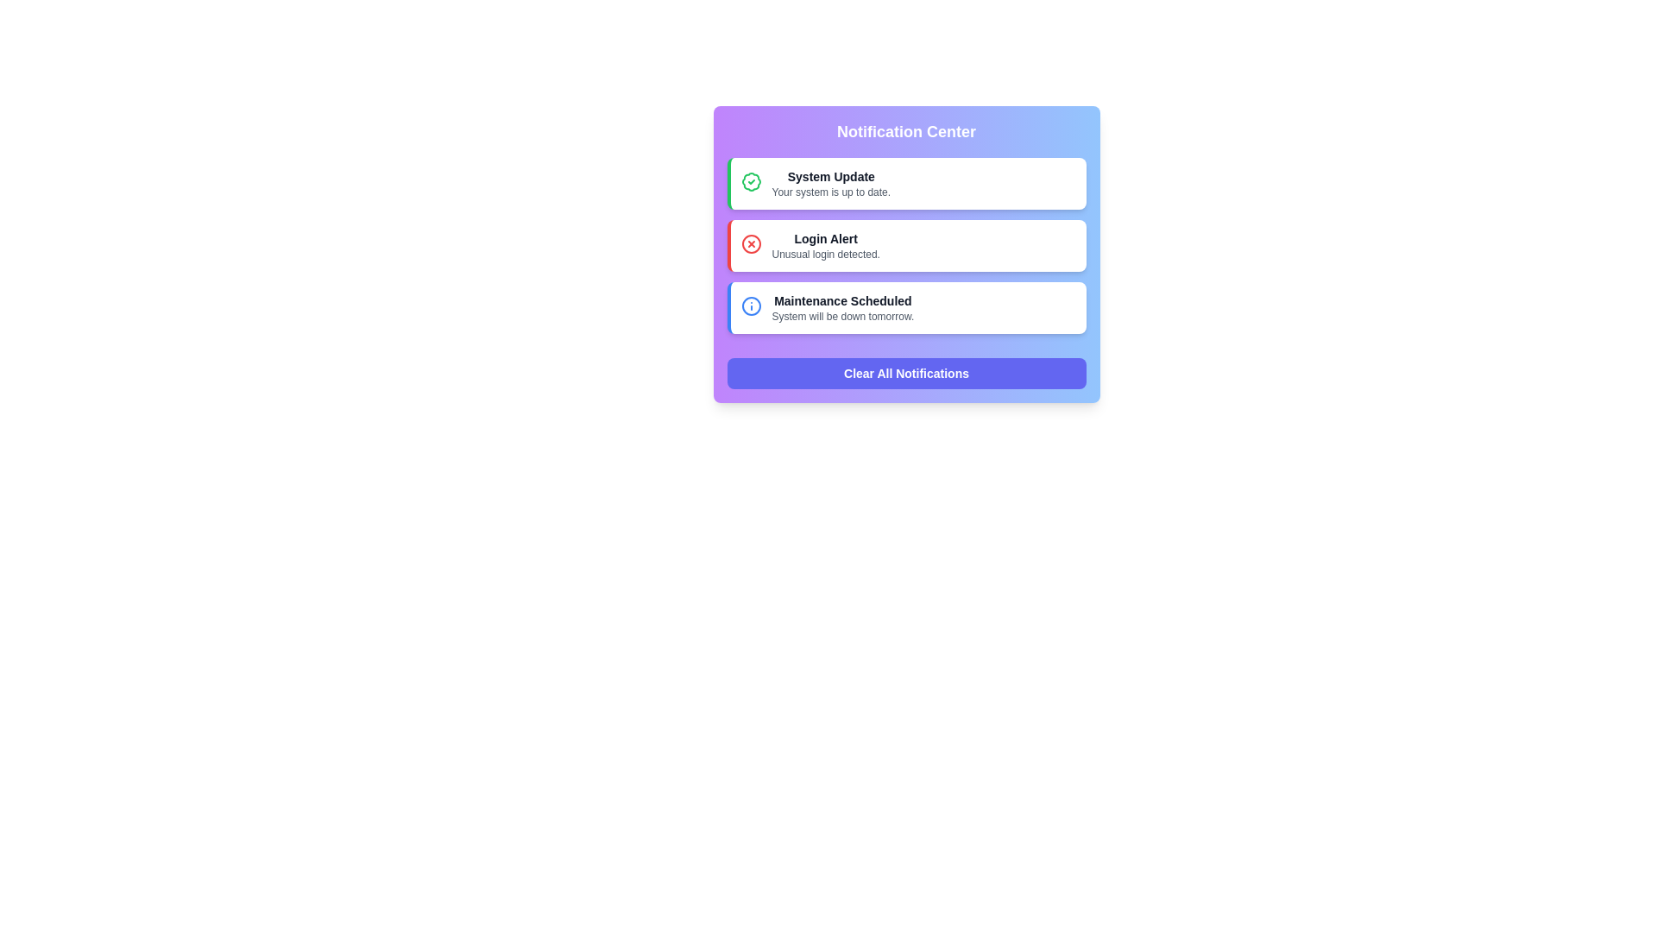  Describe the element at coordinates (751, 247) in the screenshot. I see `the status indicated by the alert icon within the 'Login Alert' notification box, which is positioned to the left of the text in the second notification item` at that location.